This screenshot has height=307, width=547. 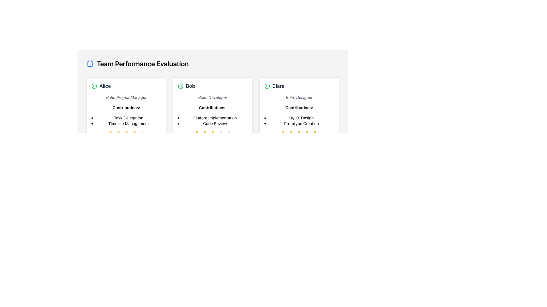 What do you see at coordinates (197, 134) in the screenshot?
I see `the second star icon in the horizontal rating bar on the card labeled 'Bob'` at bounding box center [197, 134].